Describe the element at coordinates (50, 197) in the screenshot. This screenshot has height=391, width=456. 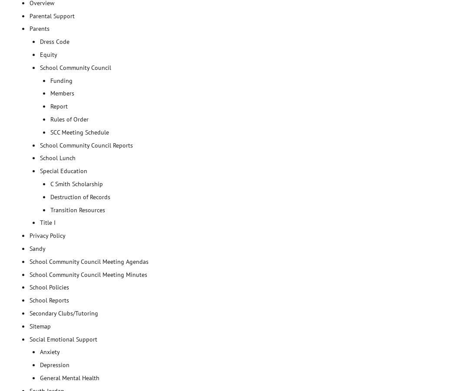
I see `'Destruction of Records'` at that location.